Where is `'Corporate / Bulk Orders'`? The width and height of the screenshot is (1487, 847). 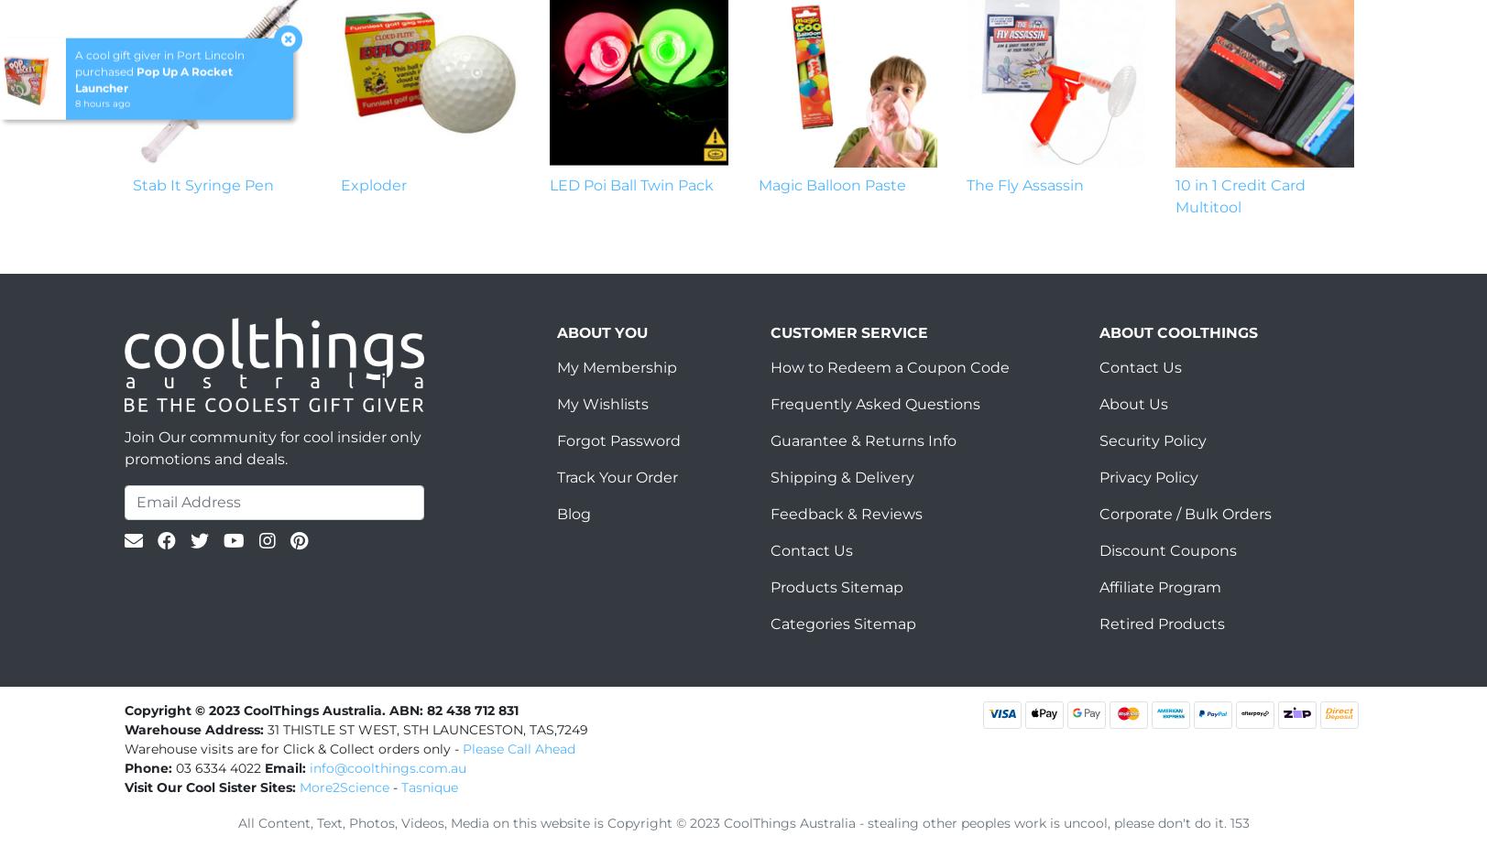
'Corporate / Bulk Orders' is located at coordinates (1185, 514).